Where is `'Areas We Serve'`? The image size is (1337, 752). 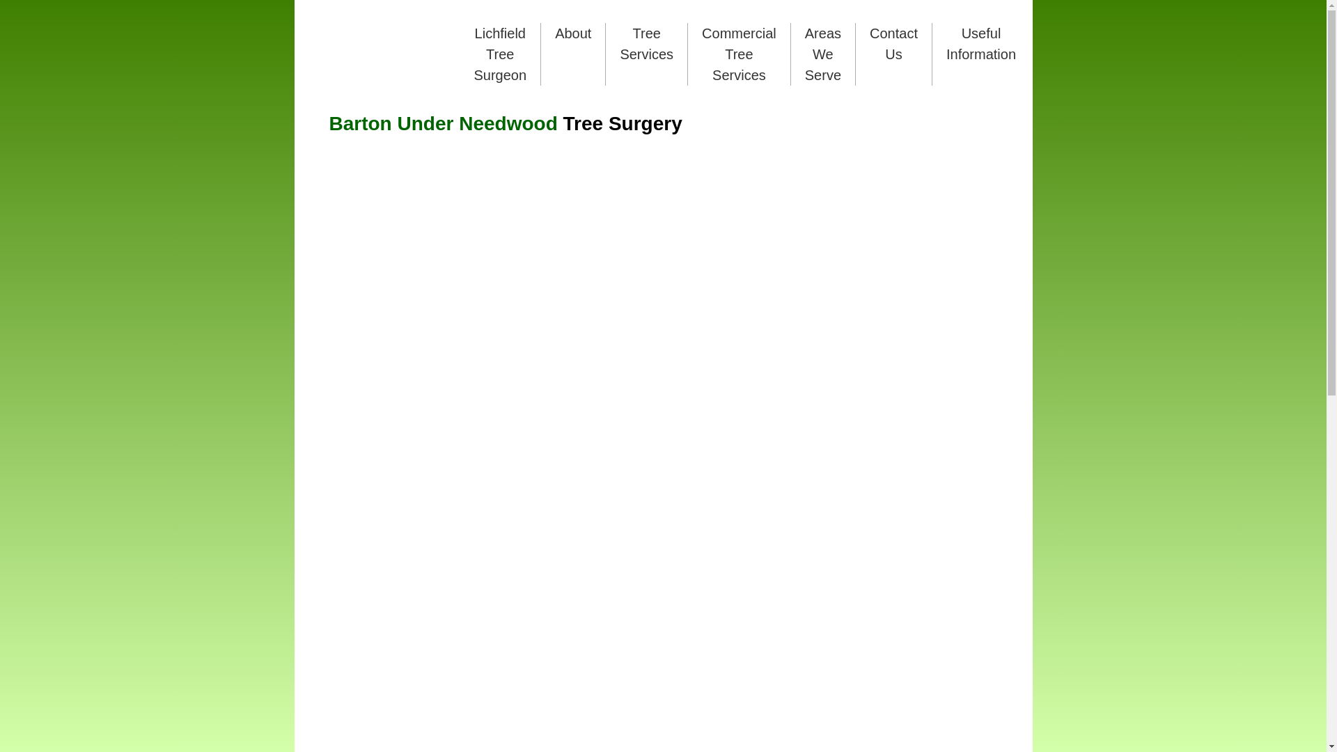
'Areas We Serve' is located at coordinates (805, 53).